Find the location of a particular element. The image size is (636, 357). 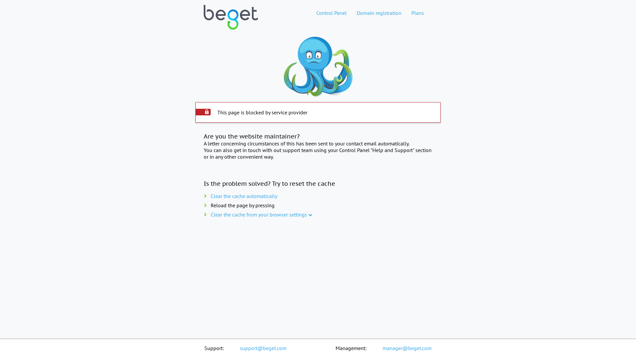

'Control Panel' is located at coordinates (332, 13).